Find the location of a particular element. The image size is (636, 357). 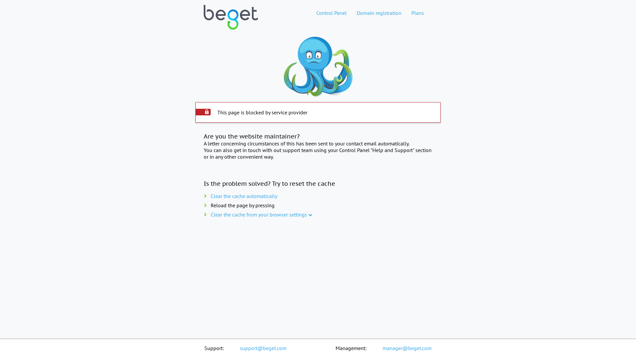

'Control Panel' is located at coordinates (332, 13).